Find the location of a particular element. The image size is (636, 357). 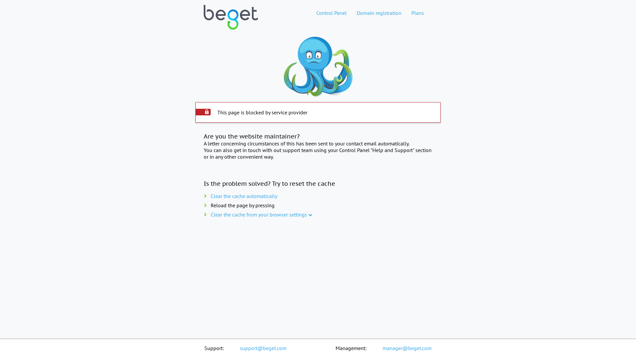

'Control Panel' is located at coordinates (332, 13).